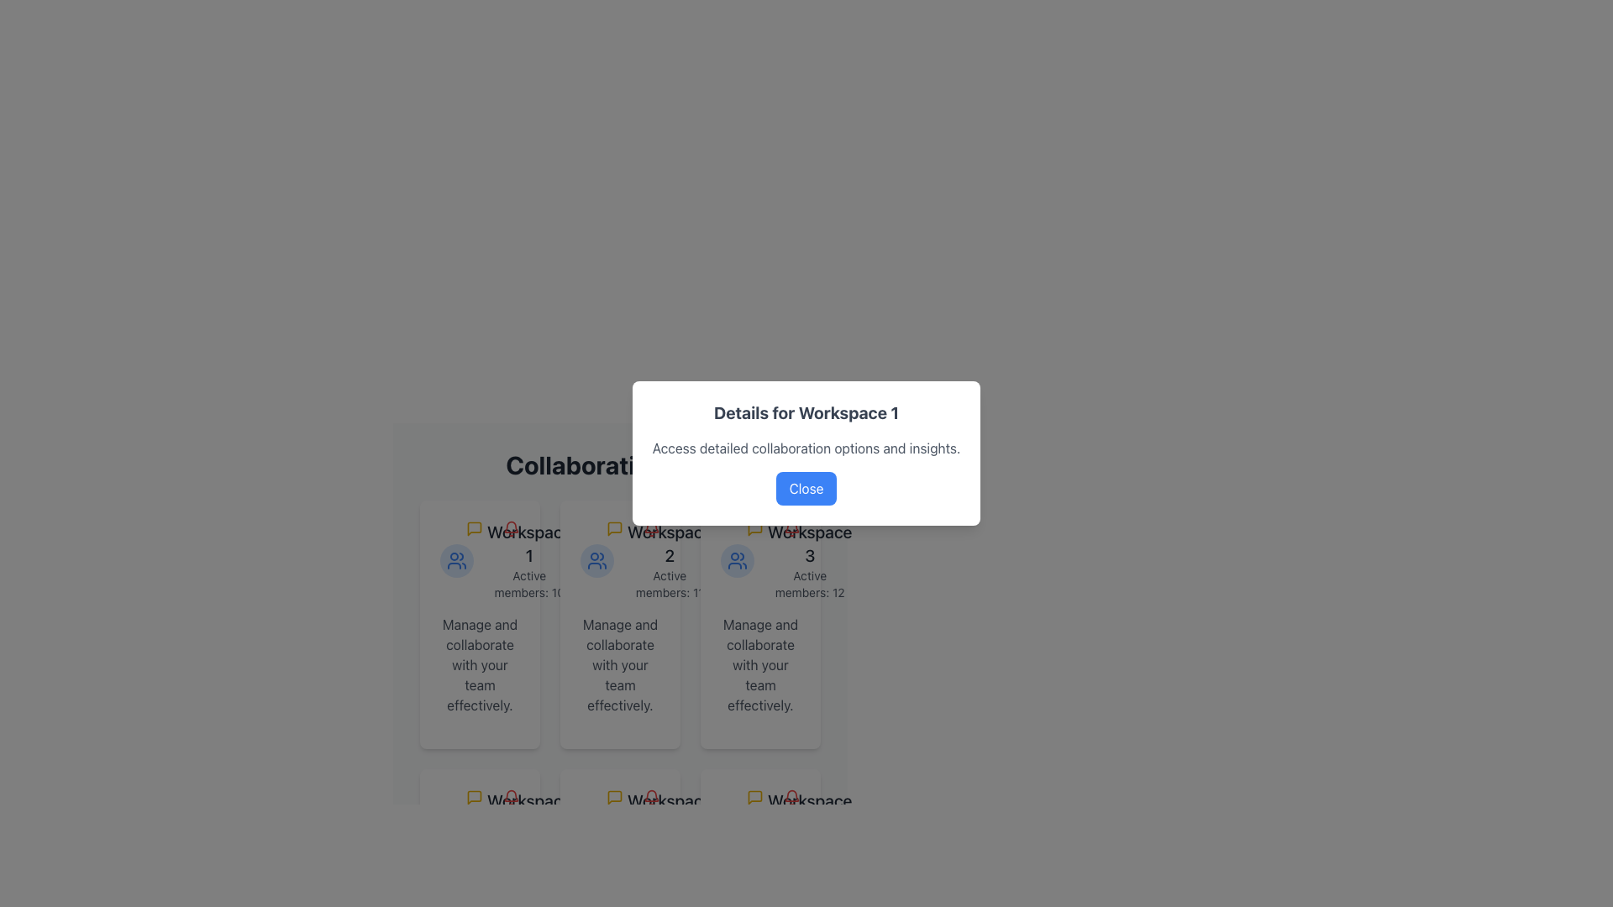 The width and height of the screenshot is (1613, 907). What do you see at coordinates (759, 663) in the screenshot?
I see `the static Text Label providing information about 'Workspace 3', which is located below 'Active members: 12'` at bounding box center [759, 663].